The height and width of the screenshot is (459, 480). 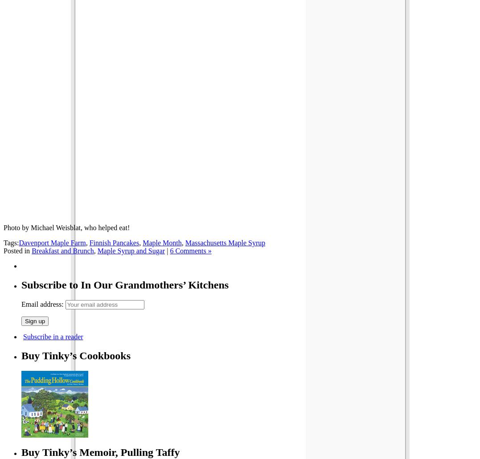 What do you see at coordinates (19, 242) in the screenshot?
I see `'Davenport Maple Farm'` at bounding box center [19, 242].